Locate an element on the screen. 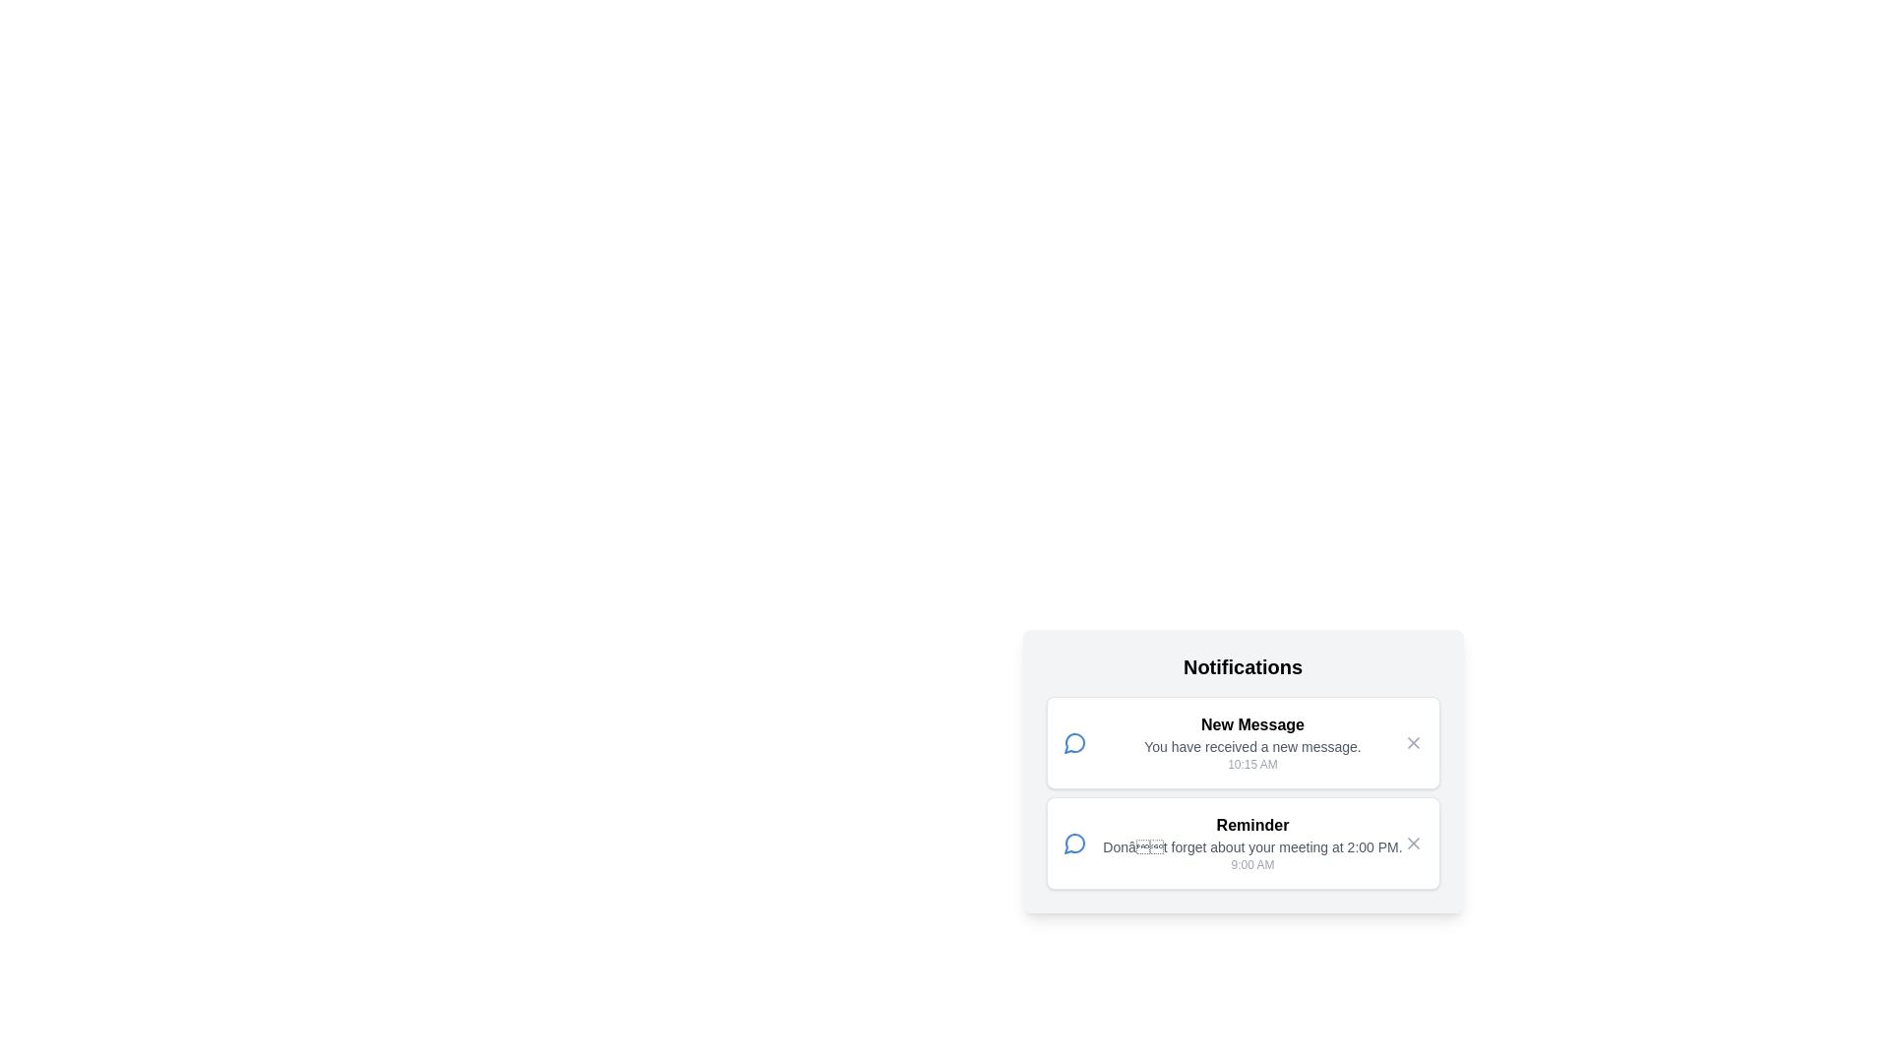  the timestamp of the first notification to inspect it is located at coordinates (1251, 763).